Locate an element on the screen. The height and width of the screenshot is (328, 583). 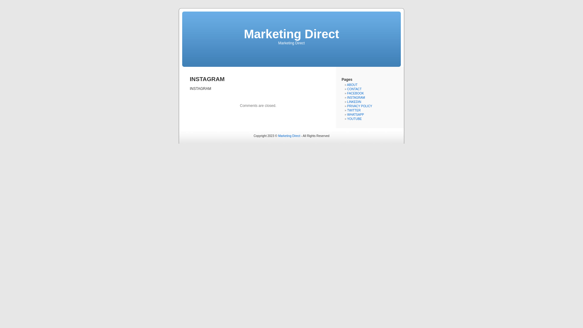
'WHATSAPP' is located at coordinates (347, 114).